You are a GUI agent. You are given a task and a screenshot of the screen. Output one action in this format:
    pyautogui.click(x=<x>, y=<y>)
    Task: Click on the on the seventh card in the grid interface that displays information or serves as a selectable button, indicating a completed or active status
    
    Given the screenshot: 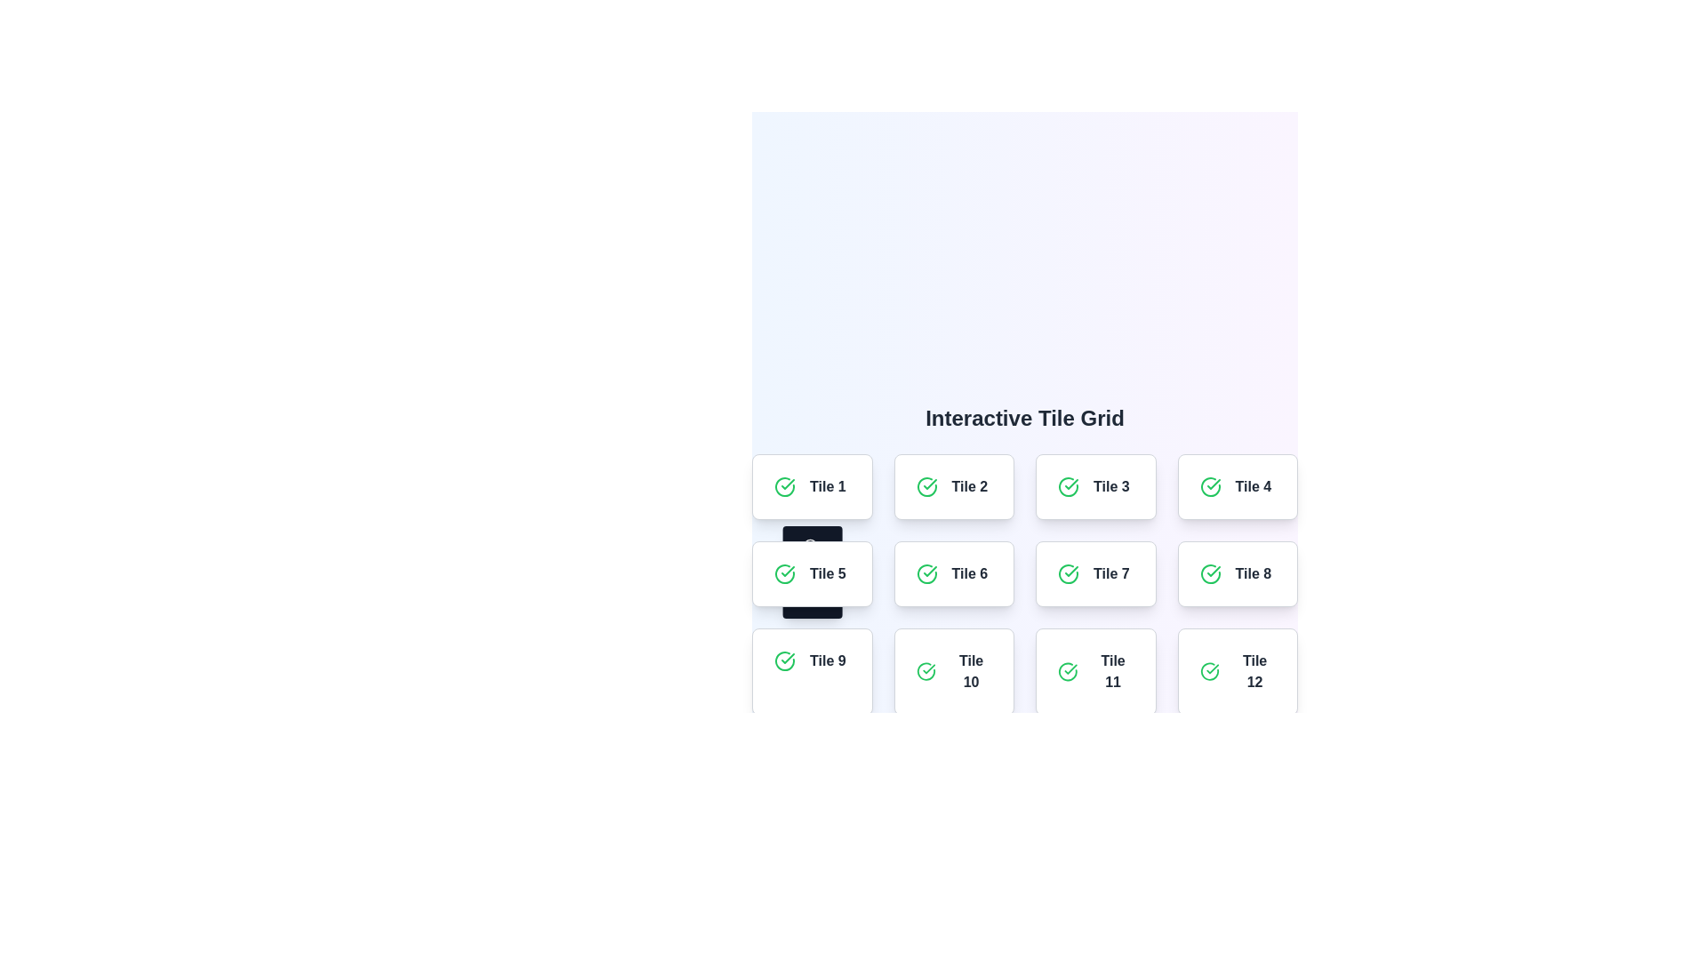 What is the action you would take?
    pyautogui.click(x=1094, y=573)
    